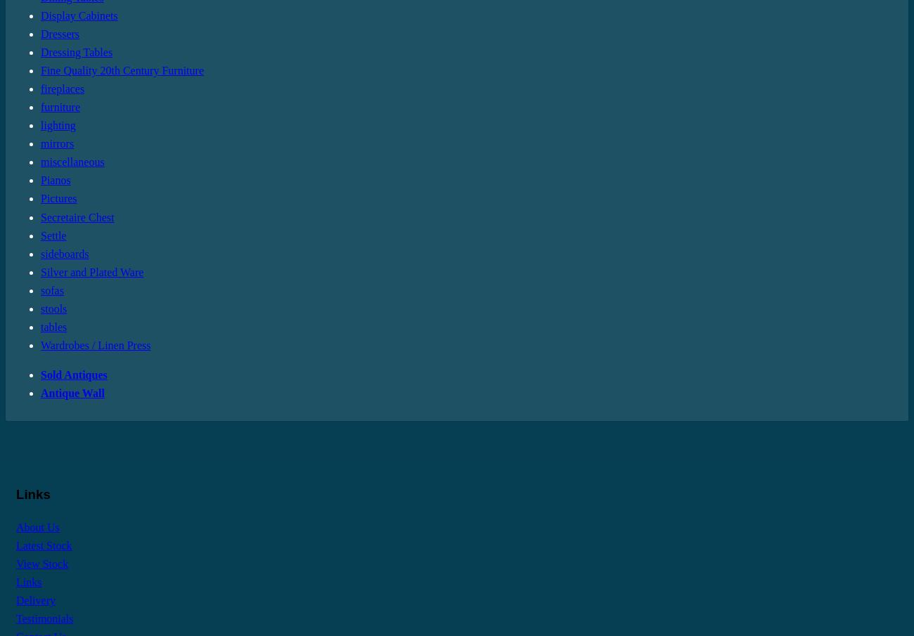 This screenshot has height=636, width=914. What do you see at coordinates (72, 392) in the screenshot?
I see `'Antique Wall'` at bounding box center [72, 392].